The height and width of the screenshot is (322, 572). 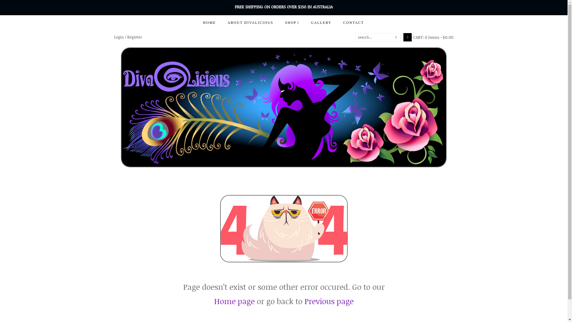 What do you see at coordinates (127, 37) in the screenshot?
I see `'Login / Register'` at bounding box center [127, 37].